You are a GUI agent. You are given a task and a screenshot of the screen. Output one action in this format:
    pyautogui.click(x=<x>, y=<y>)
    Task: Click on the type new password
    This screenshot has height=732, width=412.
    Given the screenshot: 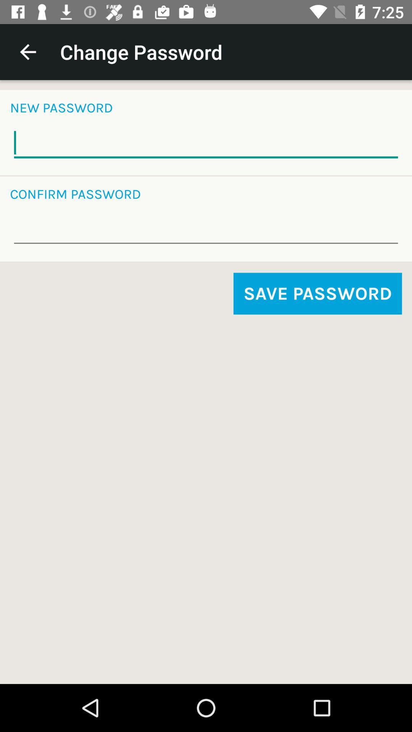 What is the action you would take?
    pyautogui.click(x=206, y=143)
    